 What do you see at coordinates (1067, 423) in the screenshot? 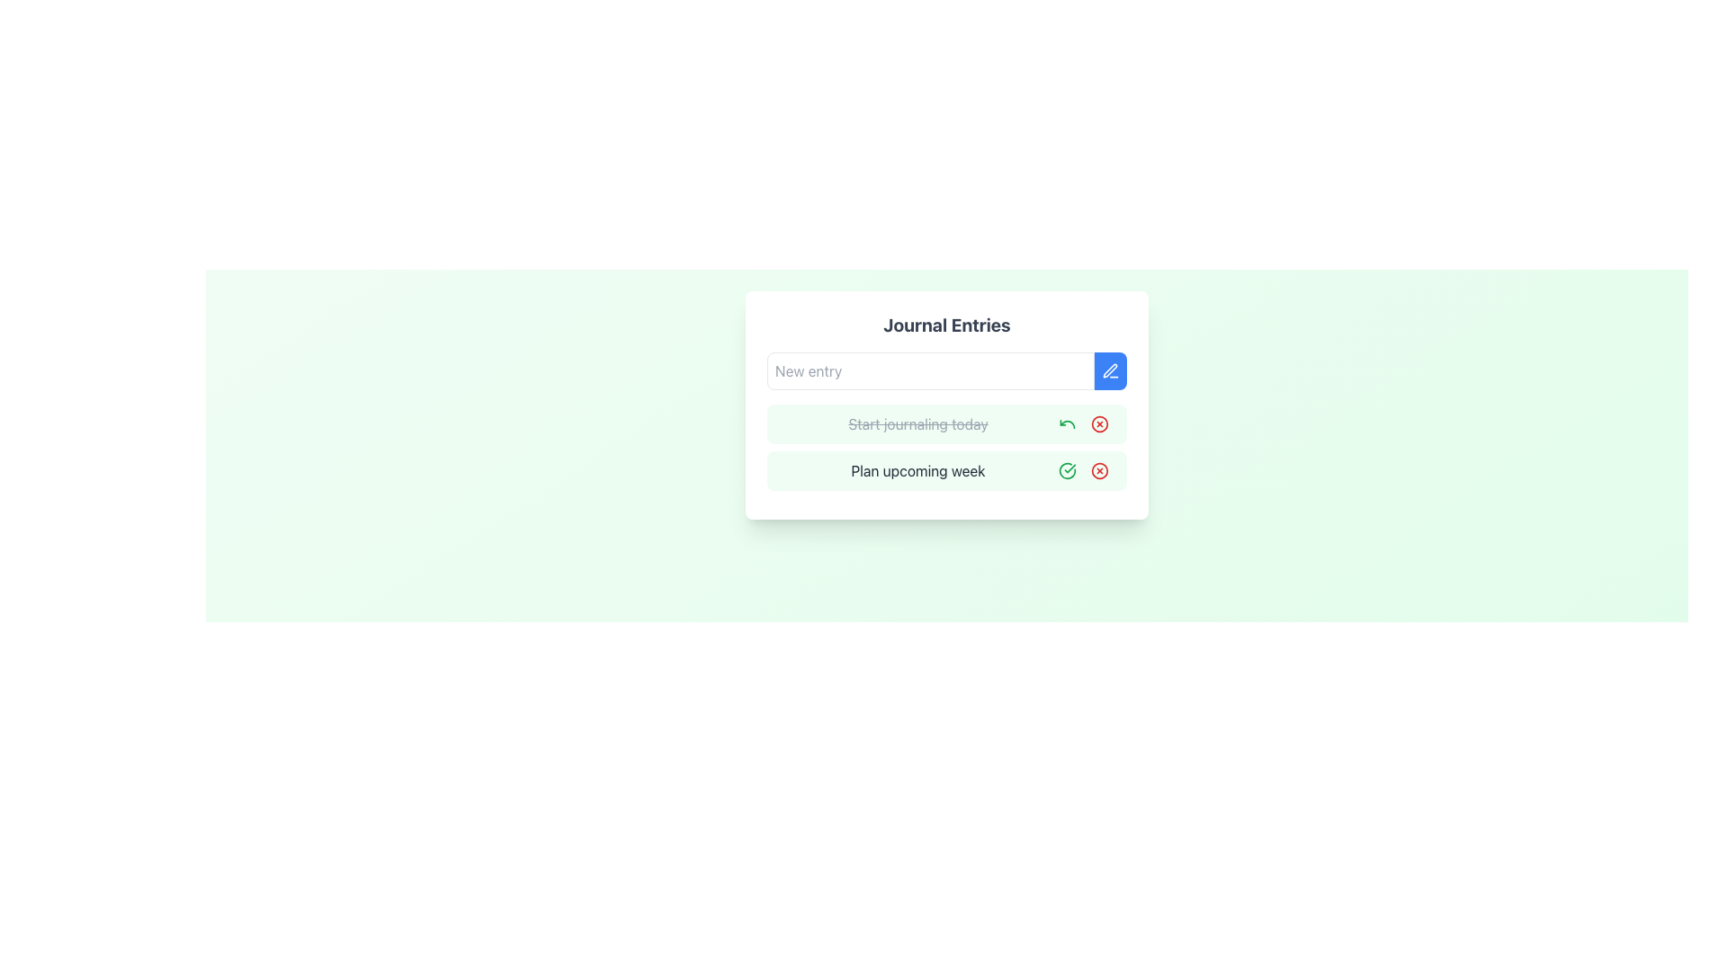
I see `the undo icon located beside the green checkmark and red cross icons in the second line of task items under 'Journal Entries'` at bounding box center [1067, 423].